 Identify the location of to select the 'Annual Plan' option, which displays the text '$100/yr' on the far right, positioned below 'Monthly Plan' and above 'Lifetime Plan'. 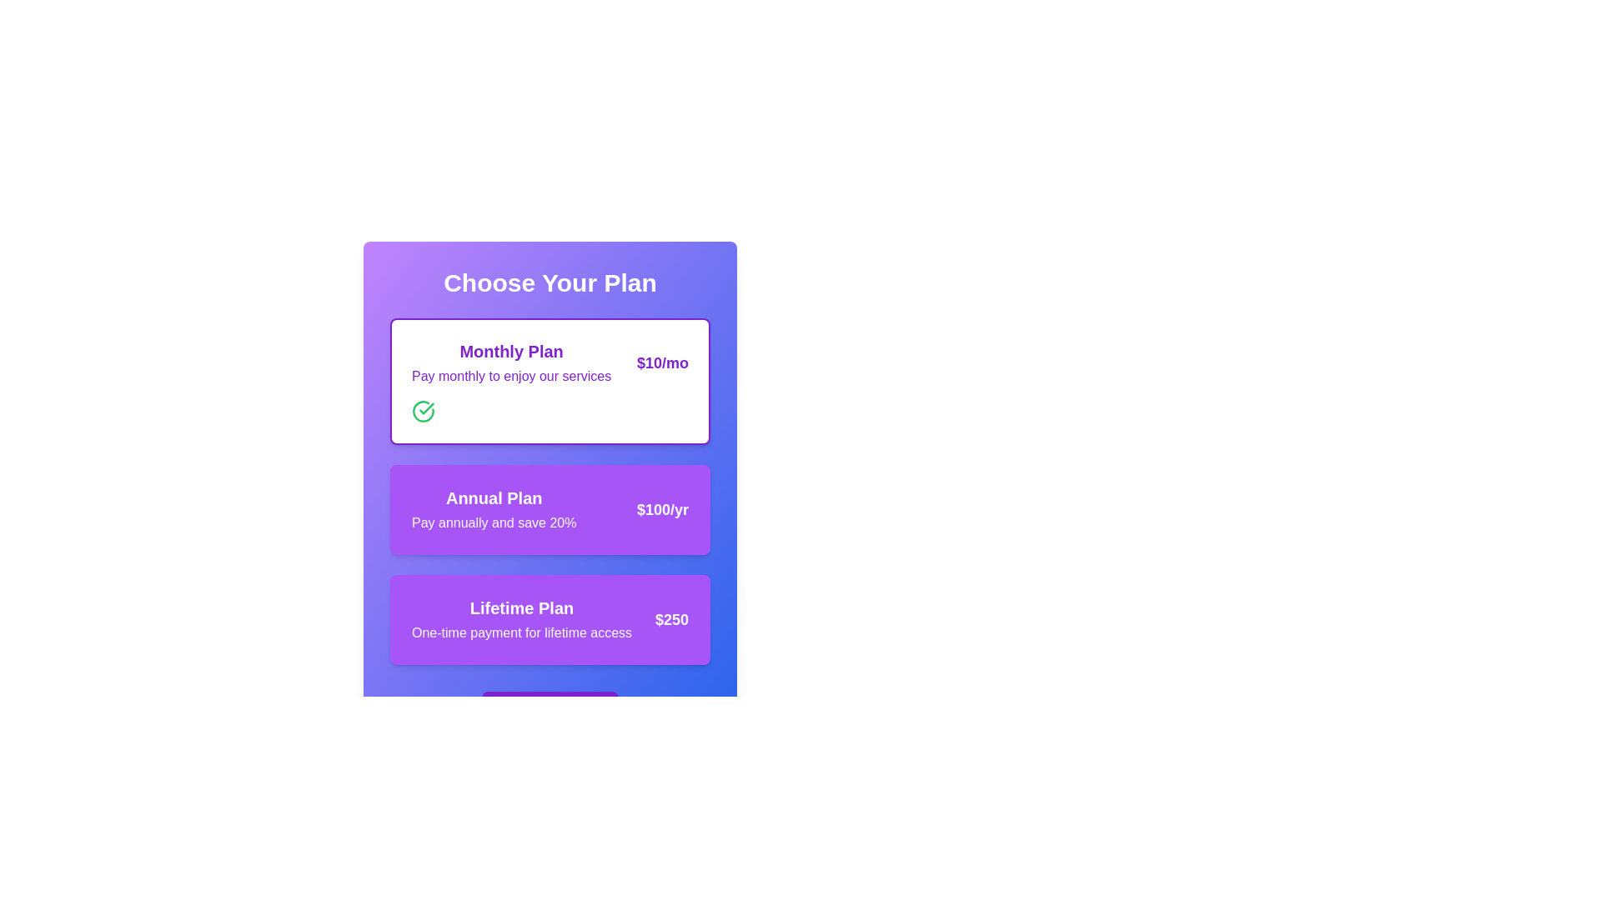
(550, 509).